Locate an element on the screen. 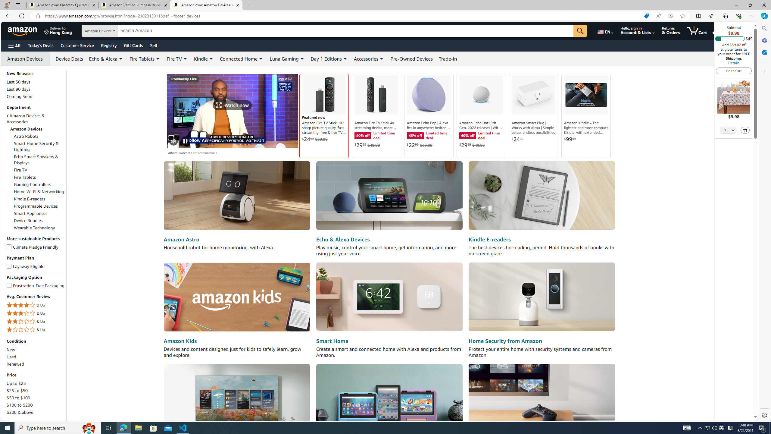 This screenshot has height=434, width=771. 'Customer Service' is located at coordinates (77, 45).